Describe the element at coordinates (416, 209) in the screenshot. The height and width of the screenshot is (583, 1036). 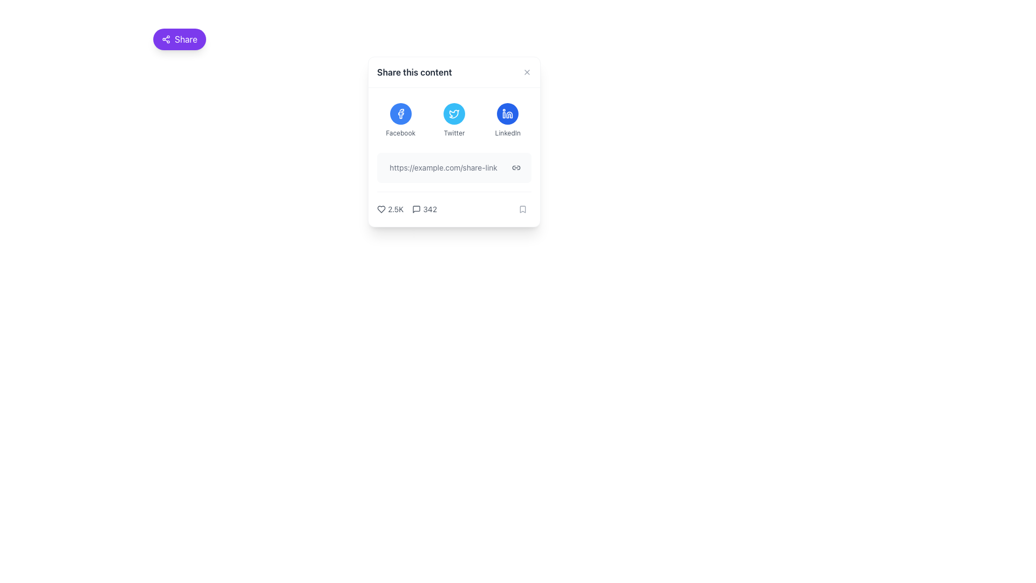
I see `the message bubble icon within the 'Share this content' modal, which is a minimalist vector graphic used for messaging features` at that location.